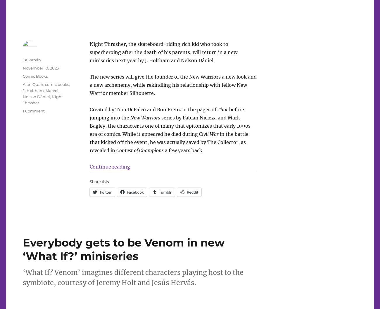 The width and height of the screenshot is (380, 309). What do you see at coordinates (124, 249) in the screenshot?
I see `'Everybody gets to be Venom in new ‘What If?’ miniseries'` at bounding box center [124, 249].